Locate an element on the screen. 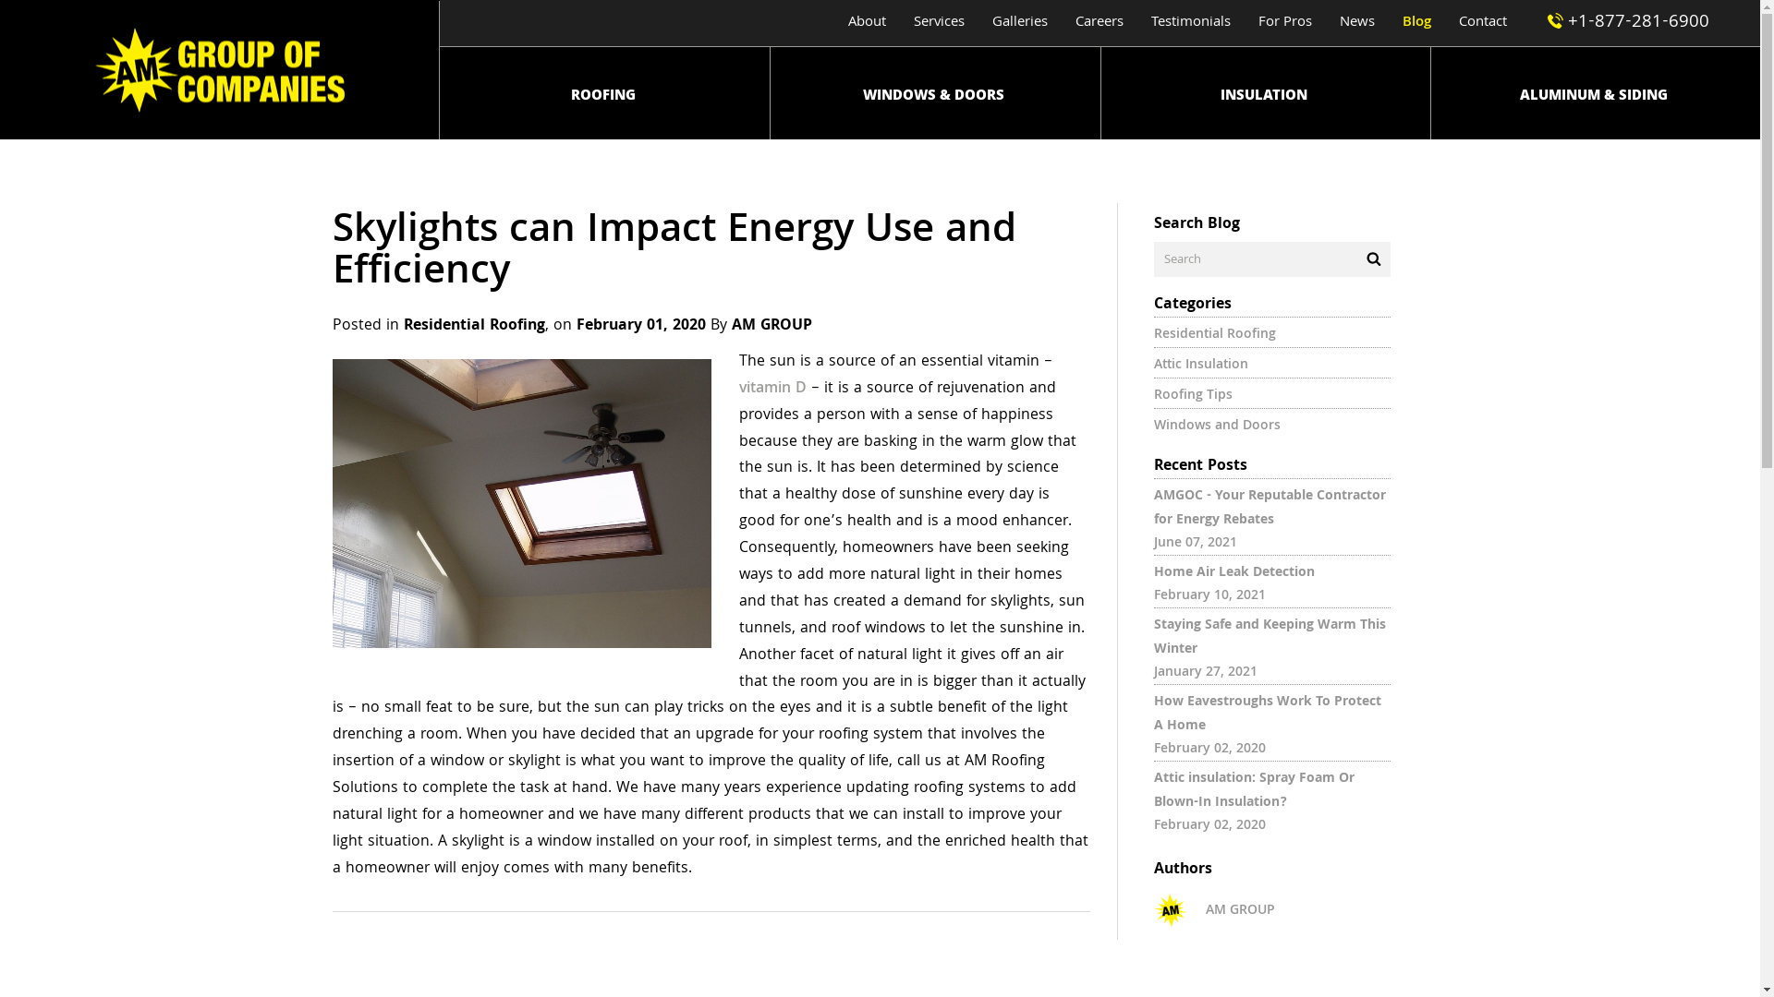  'News' is located at coordinates (1356, 22).